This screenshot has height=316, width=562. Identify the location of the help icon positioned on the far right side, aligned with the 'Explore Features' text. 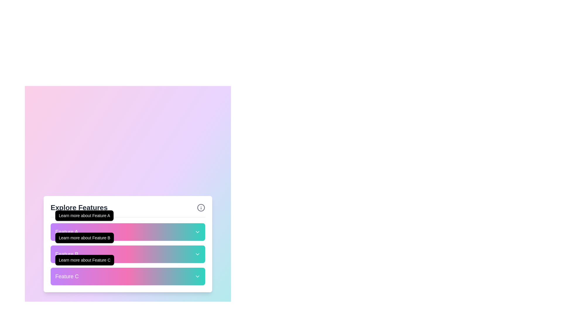
(201, 207).